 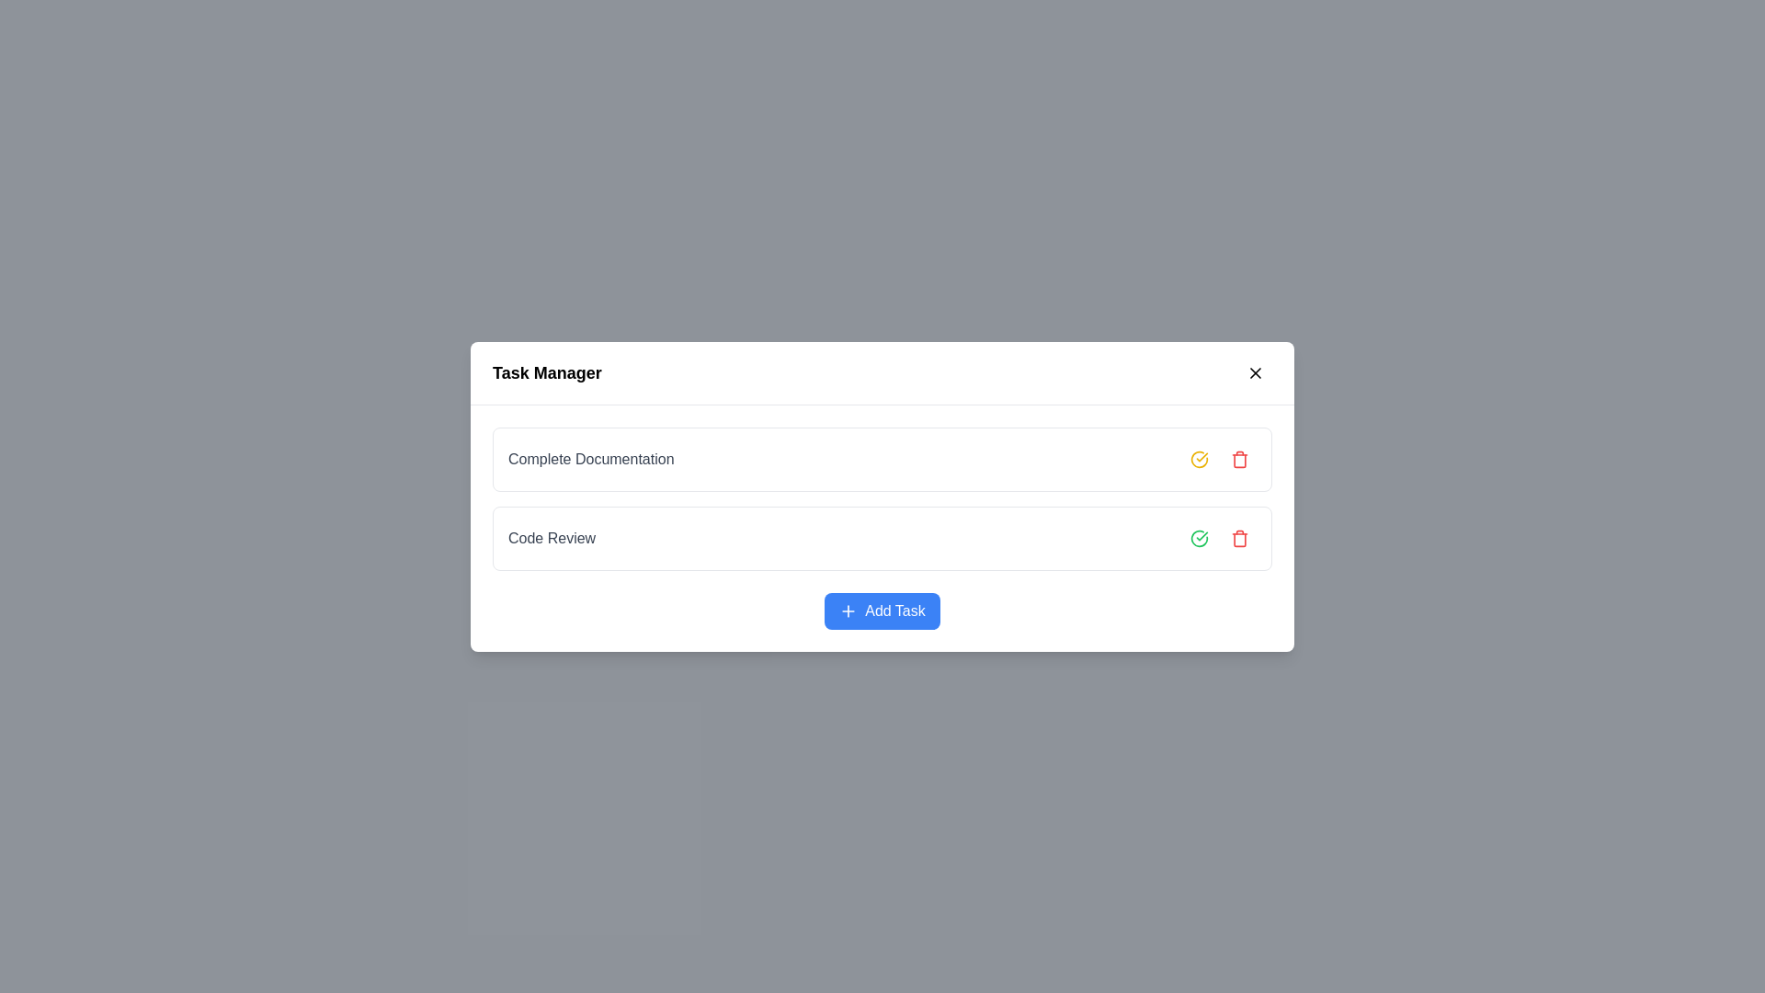 What do you see at coordinates (591, 458) in the screenshot?
I see `the text label that displays the title or description of the first task in the task manager interface, which is located above the 'Code Review' task block` at bounding box center [591, 458].